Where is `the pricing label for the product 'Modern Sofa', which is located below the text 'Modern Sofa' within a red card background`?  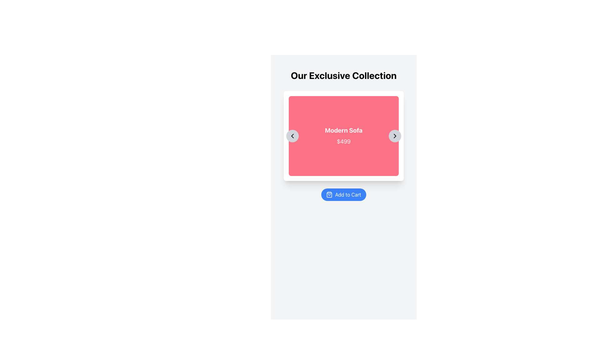 the pricing label for the product 'Modern Sofa', which is located below the text 'Modern Sofa' within a red card background is located at coordinates (343, 142).